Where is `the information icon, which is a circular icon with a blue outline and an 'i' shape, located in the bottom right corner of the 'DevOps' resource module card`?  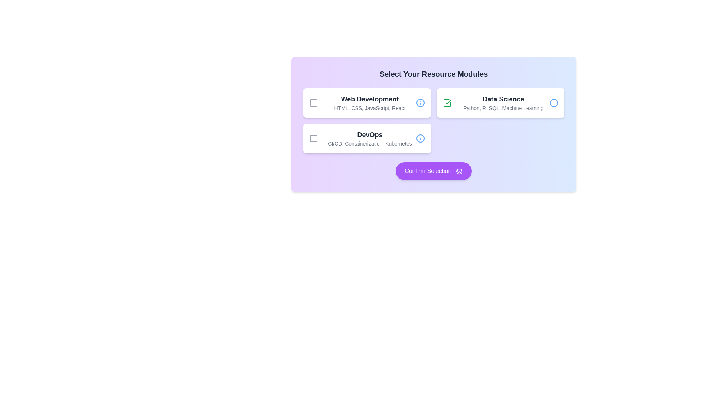 the information icon, which is a circular icon with a blue outline and an 'i' shape, located in the bottom right corner of the 'DevOps' resource module card is located at coordinates (420, 139).